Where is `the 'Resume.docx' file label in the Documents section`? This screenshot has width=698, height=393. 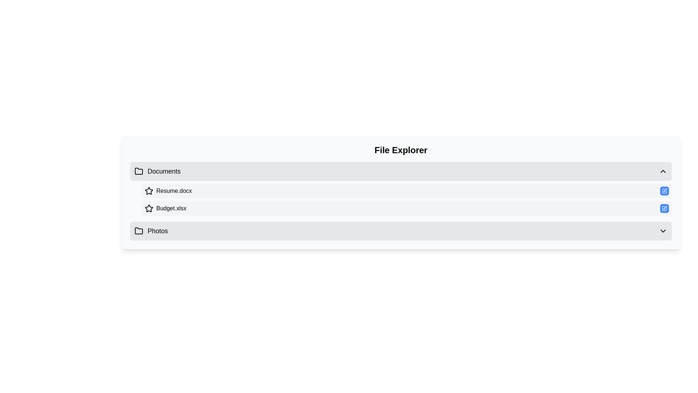 the 'Resume.docx' file label in the Documents section is located at coordinates (168, 190).